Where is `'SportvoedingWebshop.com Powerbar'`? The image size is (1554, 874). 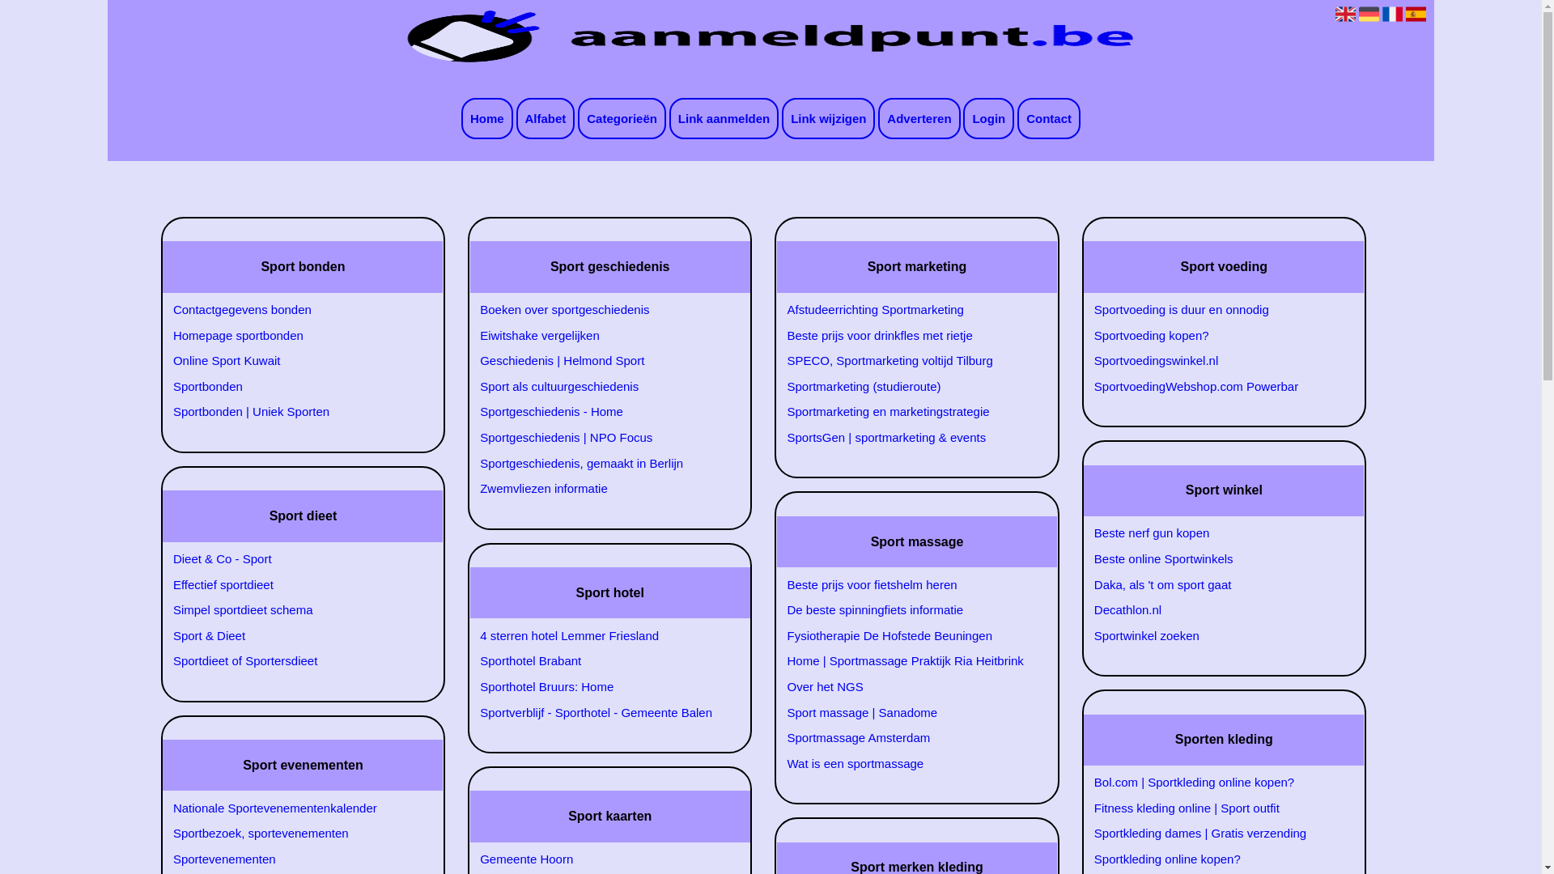
'SportvoedingWebshop.com Powerbar' is located at coordinates (1086, 387).